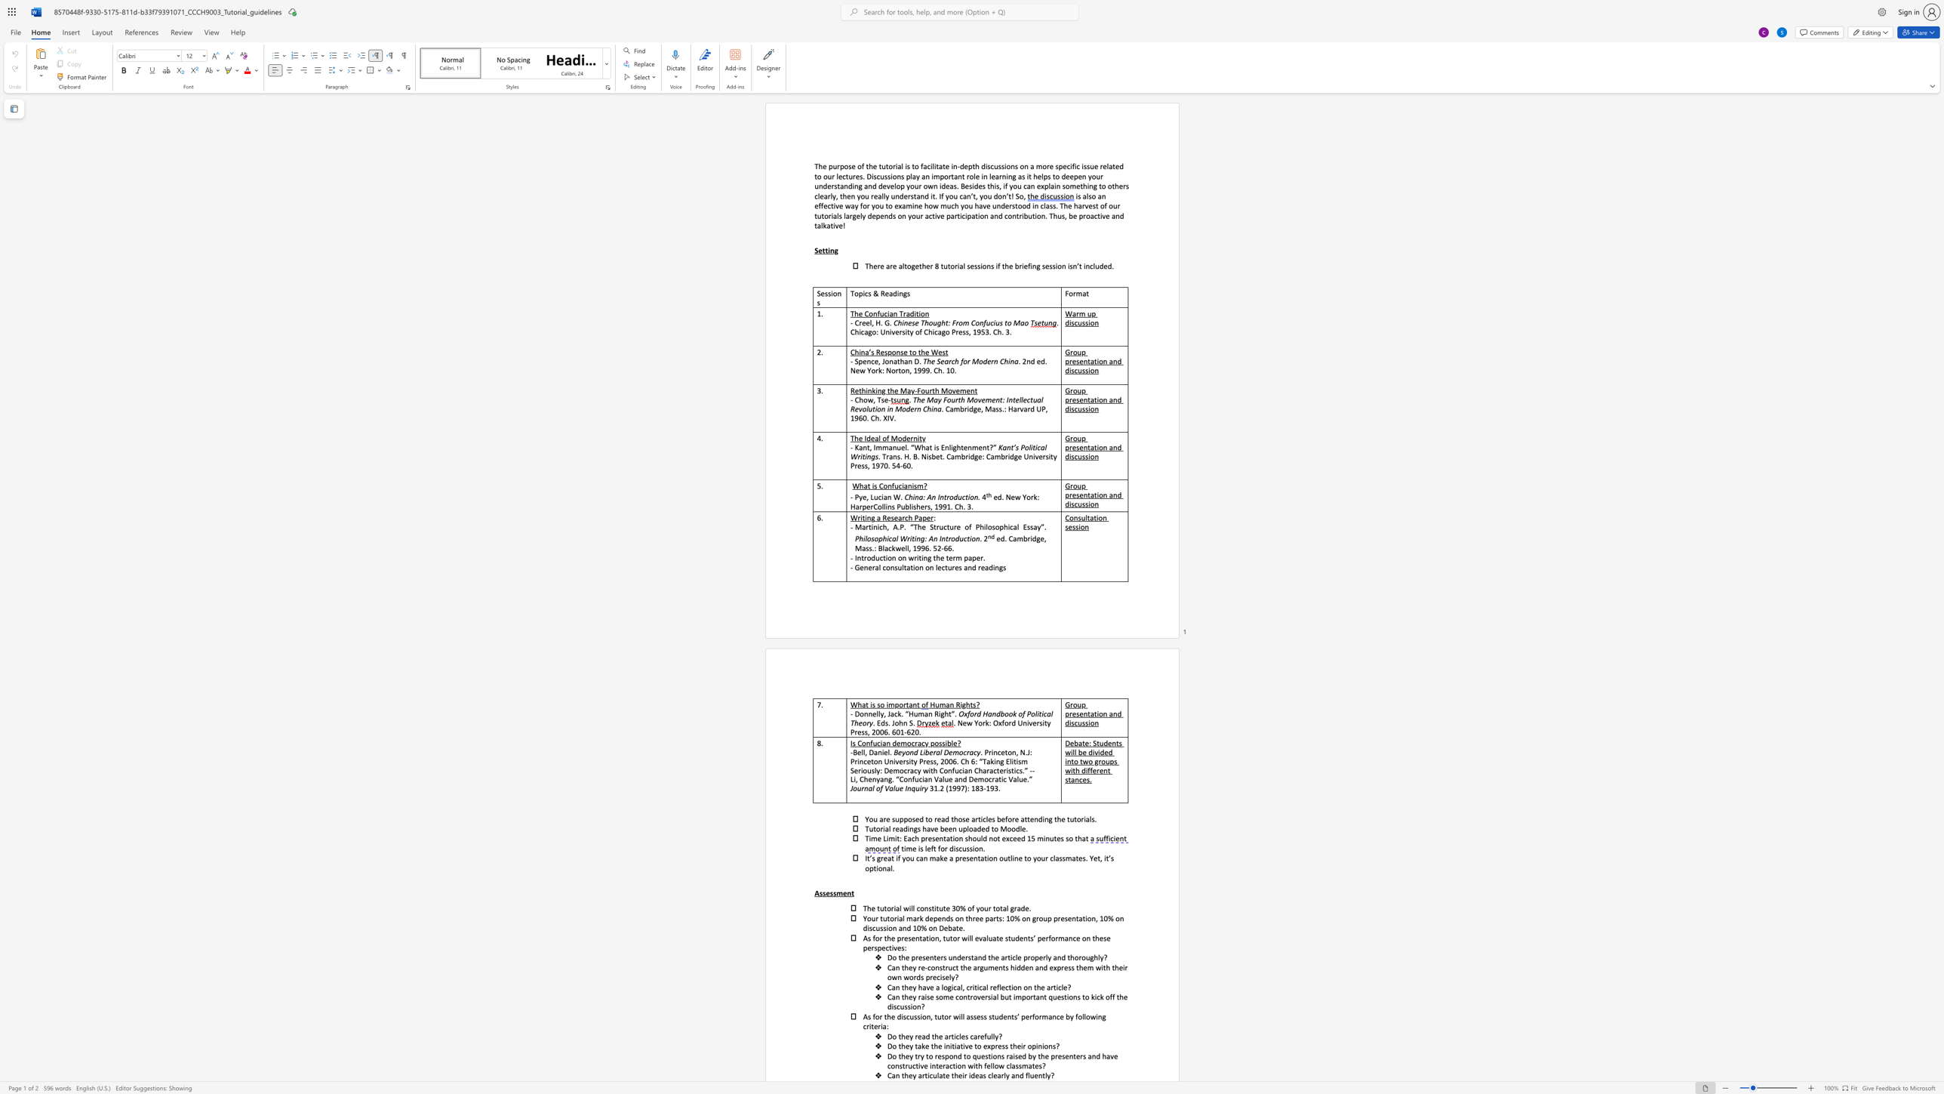 The width and height of the screenshot is (1944, 1094). Describe the element at coordinates (888, 787) in the screenshot. I see `the subset text "alue Inquir" within the text "Journal of Value Inquiry"` at that location.